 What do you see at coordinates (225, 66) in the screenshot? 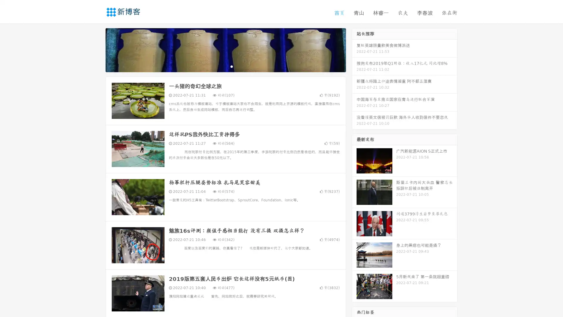
I see `Go to slide 2` at bounding box center [225, 66].